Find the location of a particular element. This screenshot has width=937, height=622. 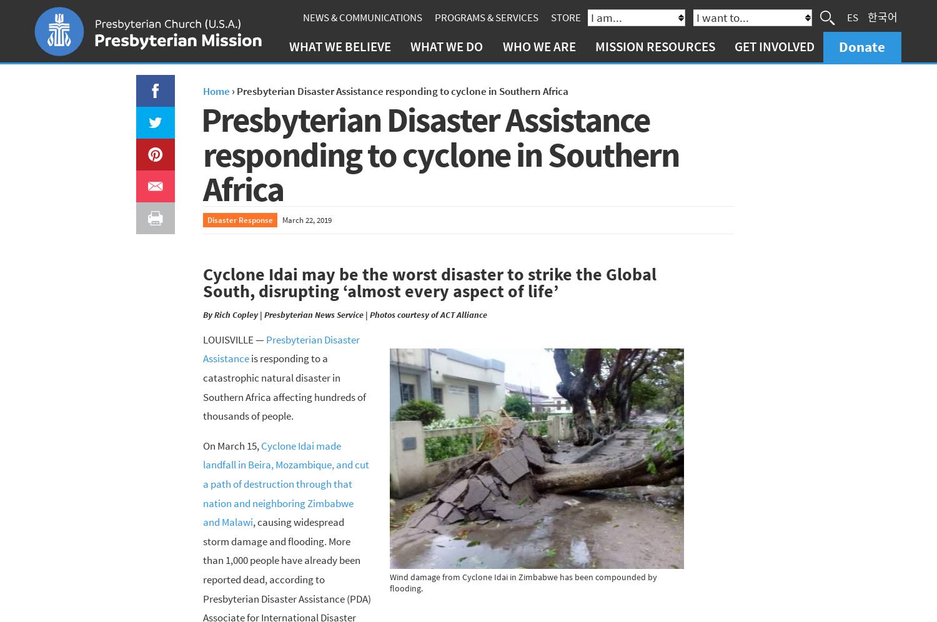

'What We Believe' is located at coordinates (340, 46).